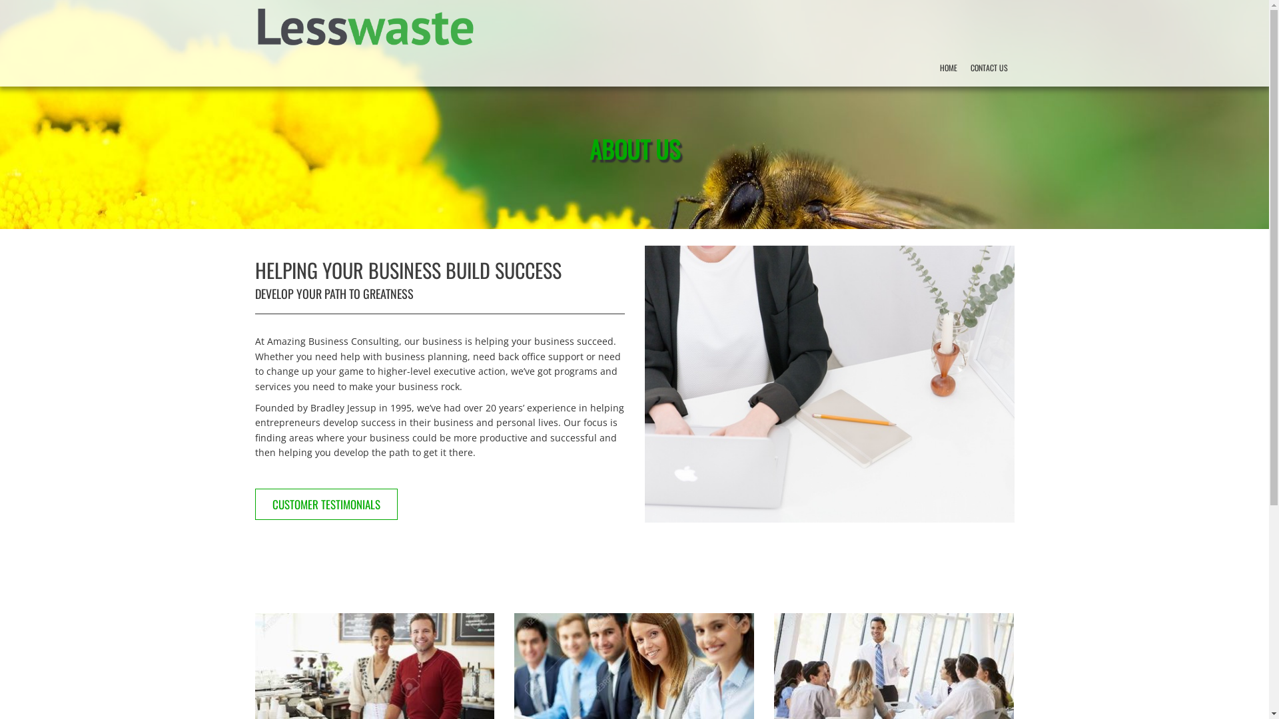 The height and width of the screenshot is (719, 1279). What do you see at coordinates (254, 504) in the screenshot?
I see `'CUSTOMER TESTIMONIALS'` at bounding box center [254, 504].